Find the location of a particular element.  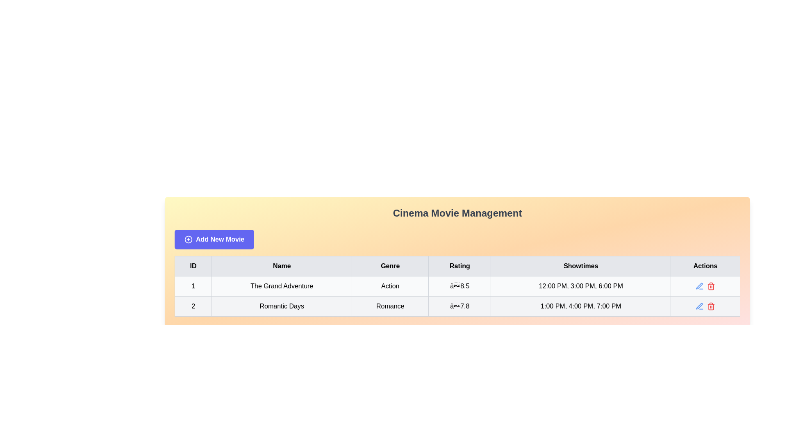

the Vector graphical icon in the second row of the 'Actions' column in the table, which represents an editing action is located at coordinates (699, 306).